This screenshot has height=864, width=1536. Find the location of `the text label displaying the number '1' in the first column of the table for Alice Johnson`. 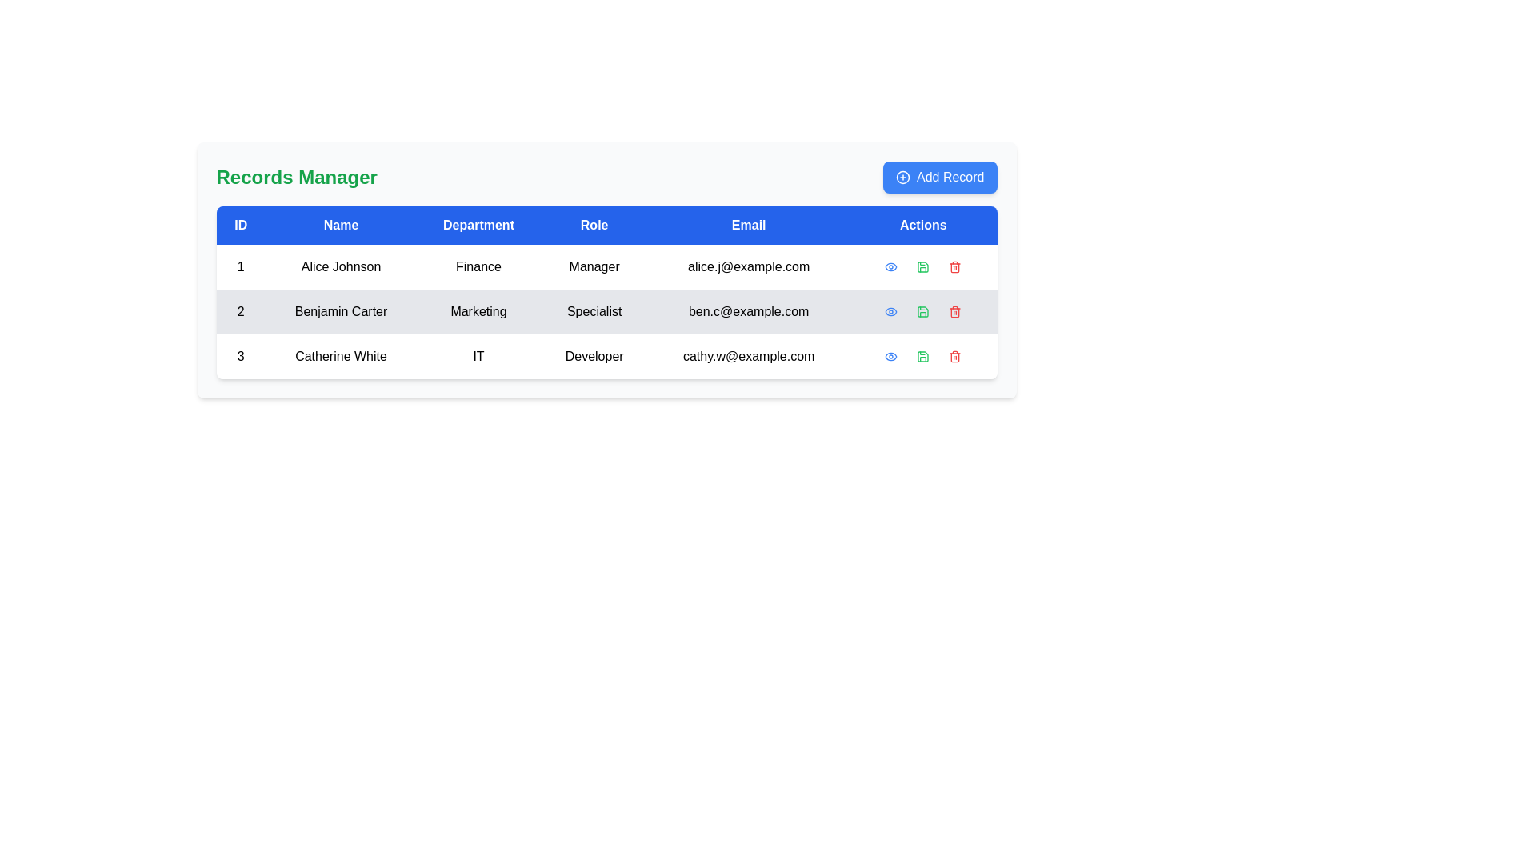

the text label displaying the number '1' in the first column of the table for Alice Johnson is located at coordinates (240, 266).